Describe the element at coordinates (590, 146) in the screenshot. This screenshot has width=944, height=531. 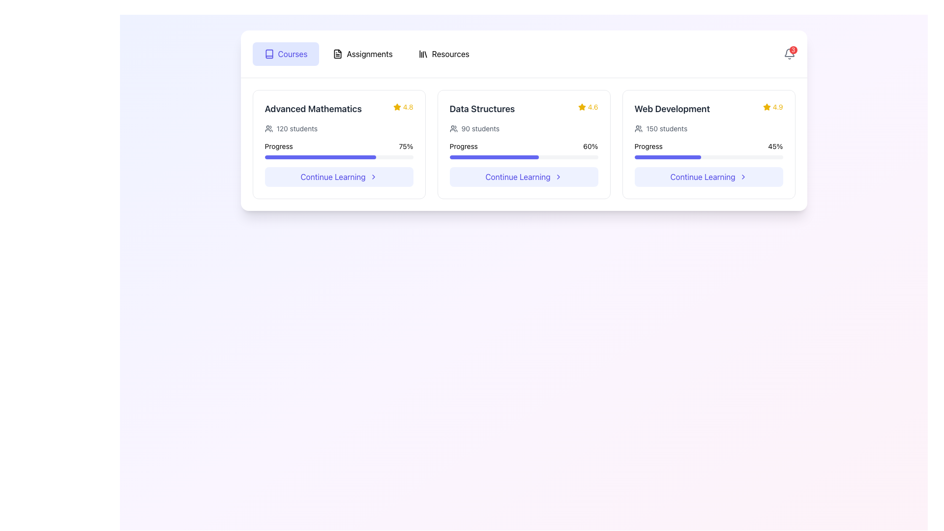
I see `percentage value displayed in the text label showing '60%' on the right side of the 'Data Structures' card, aligned horizontally with the word 'Progress'` at that location.